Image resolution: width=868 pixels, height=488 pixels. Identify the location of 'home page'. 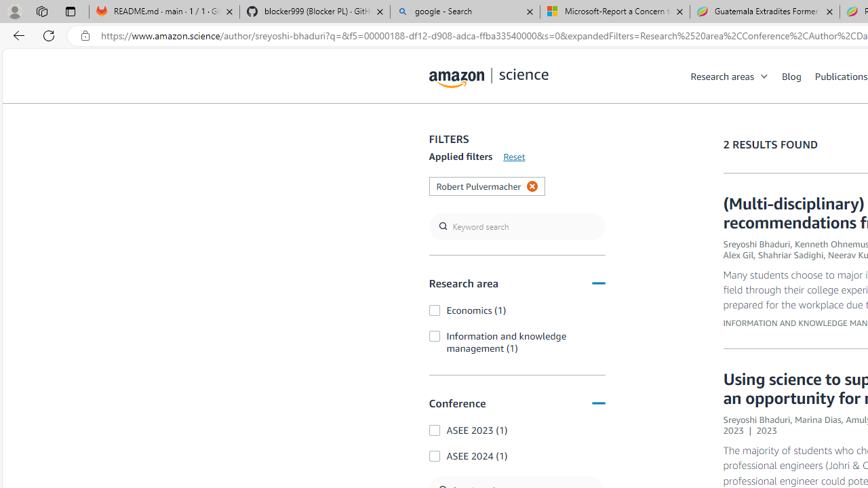
(488, 75).